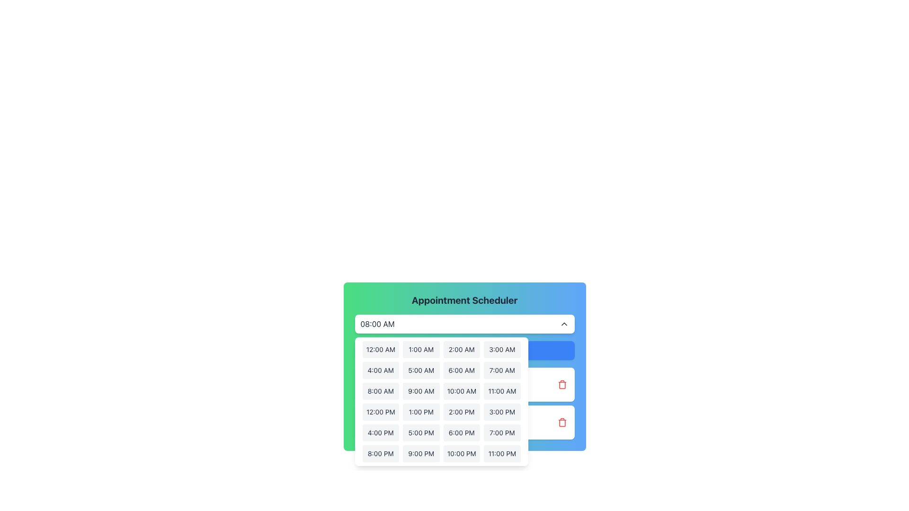  What do you see at coordinates (462, 391) in the screenshot?
I see `the button that selects the time '10:00 AM' in the second row, third column of the dropdown grid to change its background color` at bounding box center [462, 391].